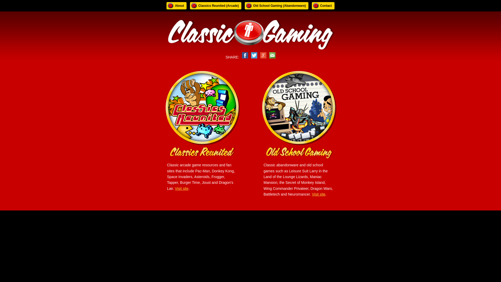 This screenshot has width=501, height=282. What do you see at coordinates (244, 6) in the screenshot?
I see `'Old School Gaming (Abandonware)'` at bounding box center [244, 6].